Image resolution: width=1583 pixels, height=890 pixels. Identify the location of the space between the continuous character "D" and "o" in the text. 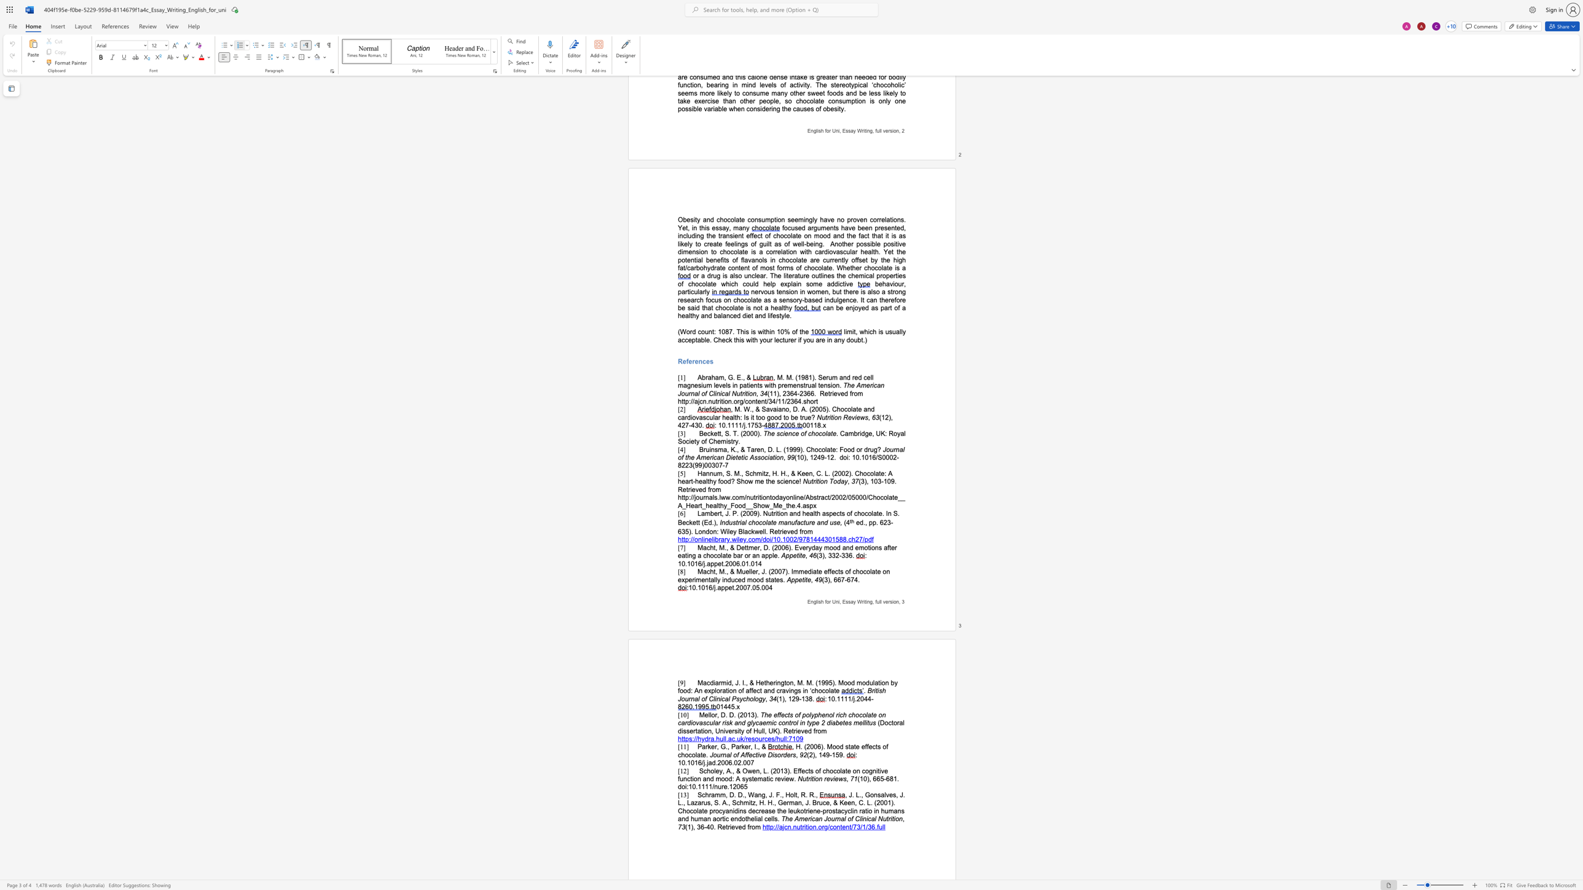
(884, 723).